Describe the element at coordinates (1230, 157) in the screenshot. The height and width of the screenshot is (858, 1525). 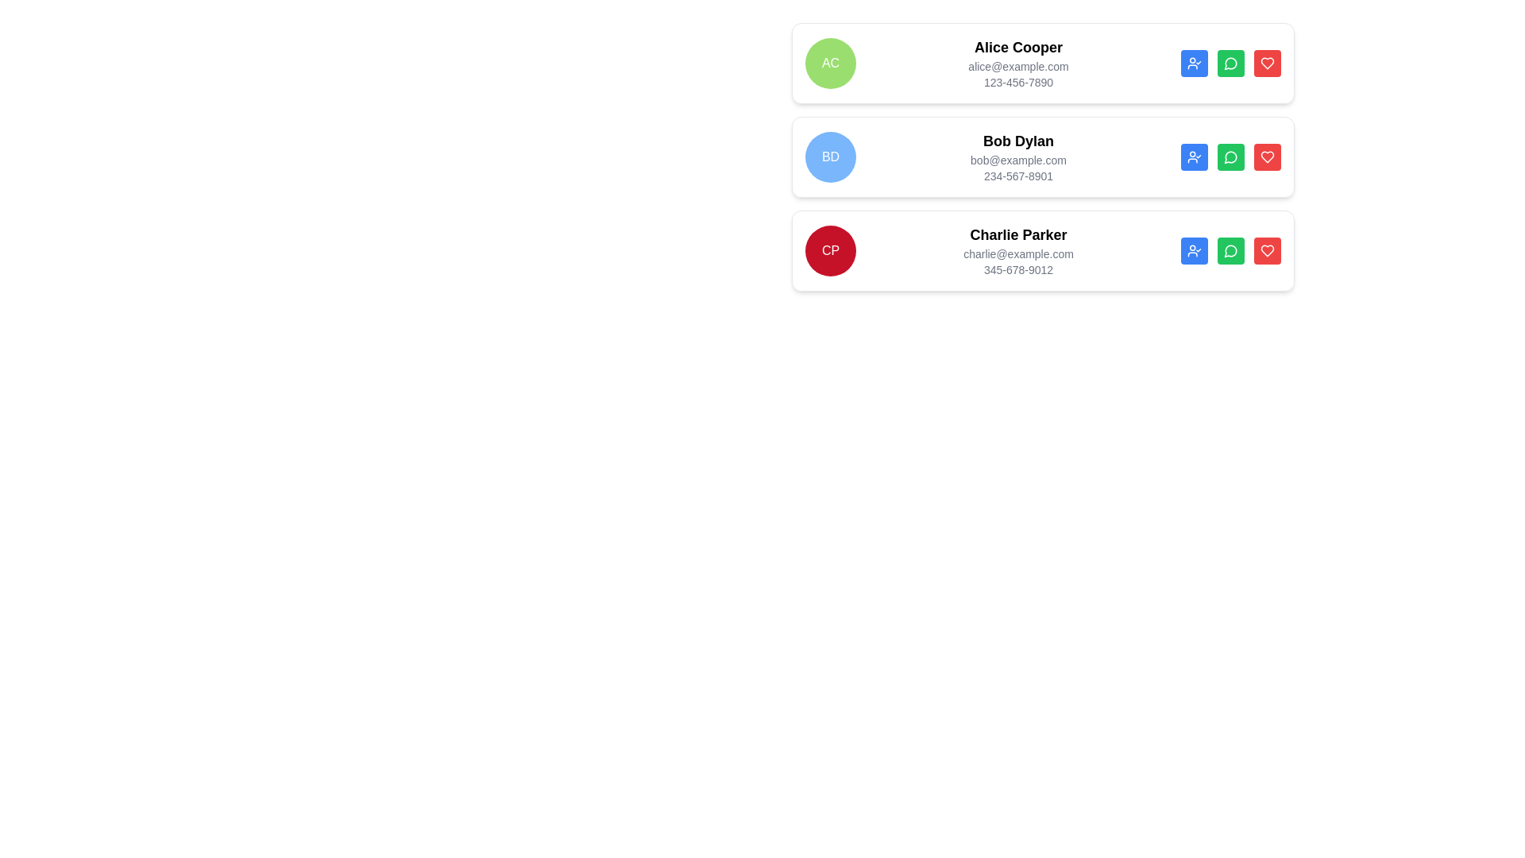
I see `the green rounded button containing the chat icon for 'Bob Dylan' to initiate a chat` at that location.